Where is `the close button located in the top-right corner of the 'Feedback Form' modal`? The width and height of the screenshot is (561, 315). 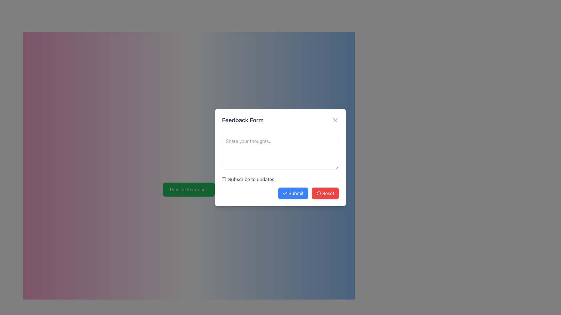
the close button located in the top-right corner of the 'Feedback Form' modal is located at coordinates (335, 120).